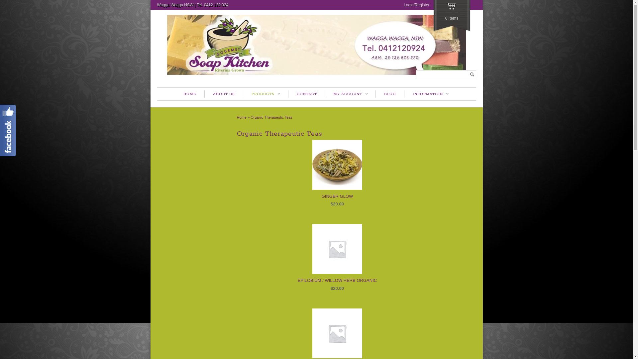 Image resolution: width=638 pixels, height=359 pixels. I want to click on 'BLOG', so click(375, 94).